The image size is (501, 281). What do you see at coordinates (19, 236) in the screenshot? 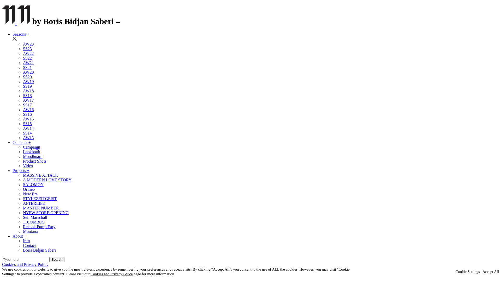
I see `'About +'` at bounding box center [19, 236].